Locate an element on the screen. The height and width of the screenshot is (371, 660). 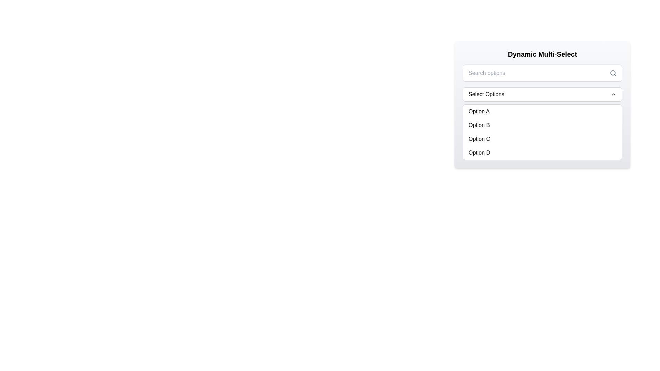
the Search Input Box located below the title 'Dynamic Multi-Select' to focus on it is located at coordinates (542, 73).